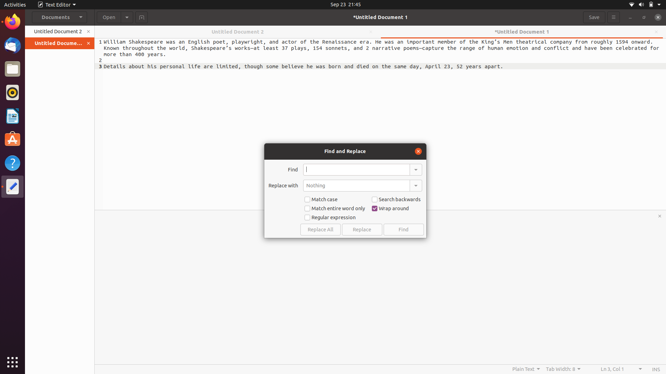 The width and height of the screenshot is (666, 374). Describe the element at coordinates (356, 169) in the screenshot. I see `Substitute the word "book" with "novel" in the entire document` at that location.